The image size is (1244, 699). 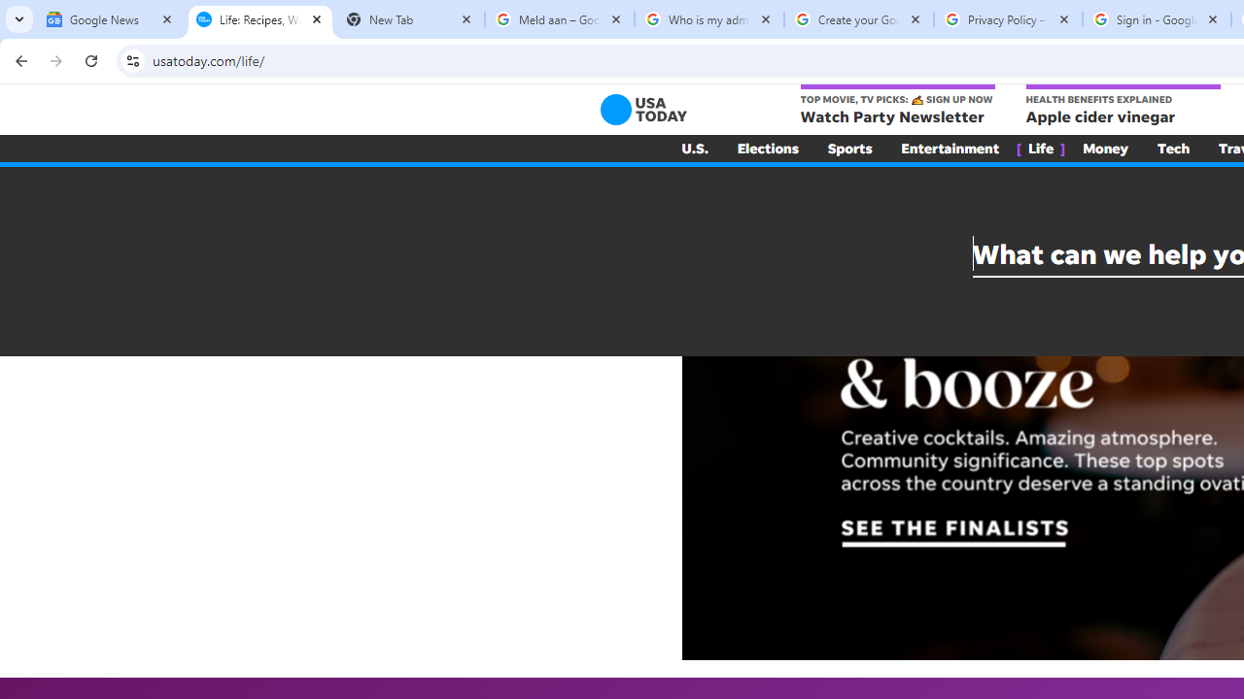 I want to click on 'Sign in - Google Accounts', so click(x=1157, y=19).